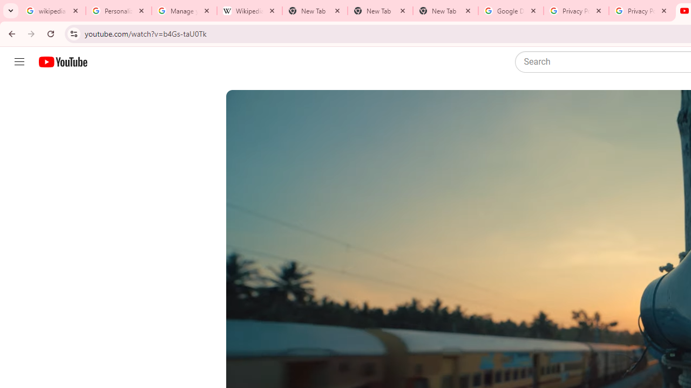 The image size is (691, 388). What do you see at coordinates (249, 11) in the screenshot?
I see `'Wikipedia:Edit requests - Wikipedia'` at bounding box center [249, 11].